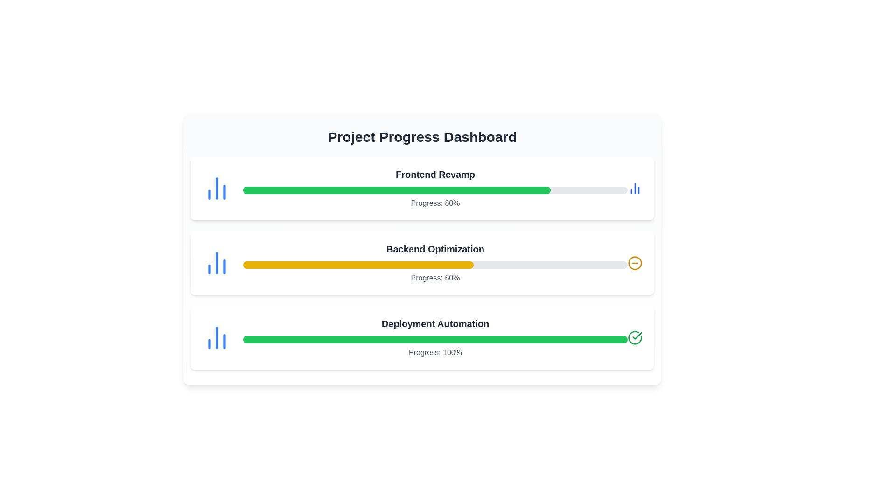 This screenshot has width=896, height=504. Describe the element at coordinates (434, 340) in the screenshot. I see `the progress value of the progress bar indicating 'Deployment Automation', which shows completion at 100%` at that location.